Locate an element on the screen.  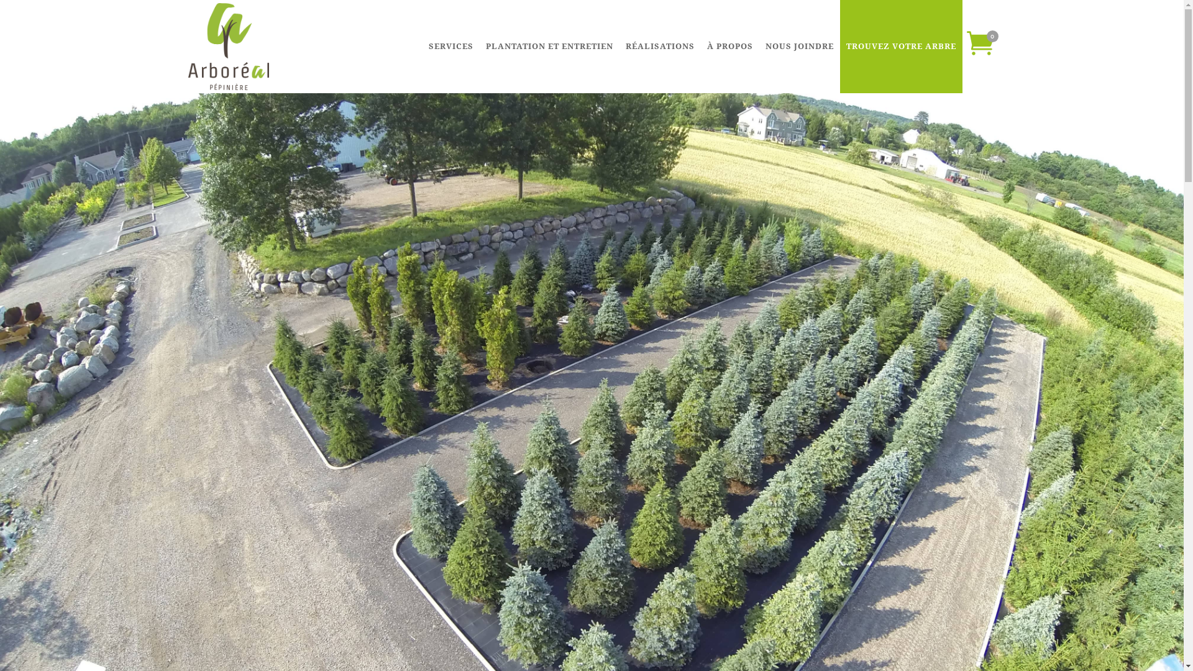
'0' is located at coordinates (980, 45).